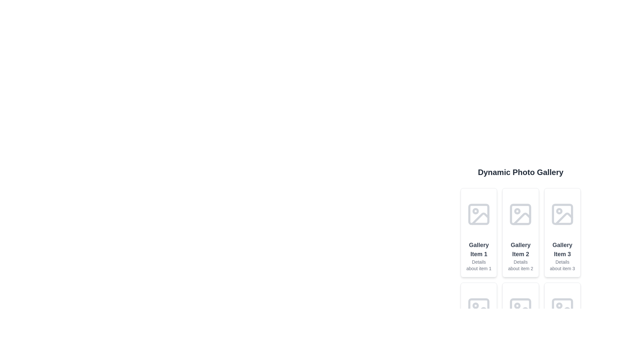  I want to click on the circular graphical element that symbolizes a point of interest in 'Gallery Item 4' located in the second row's first item of a 3x2 grid, so click(476, 306).